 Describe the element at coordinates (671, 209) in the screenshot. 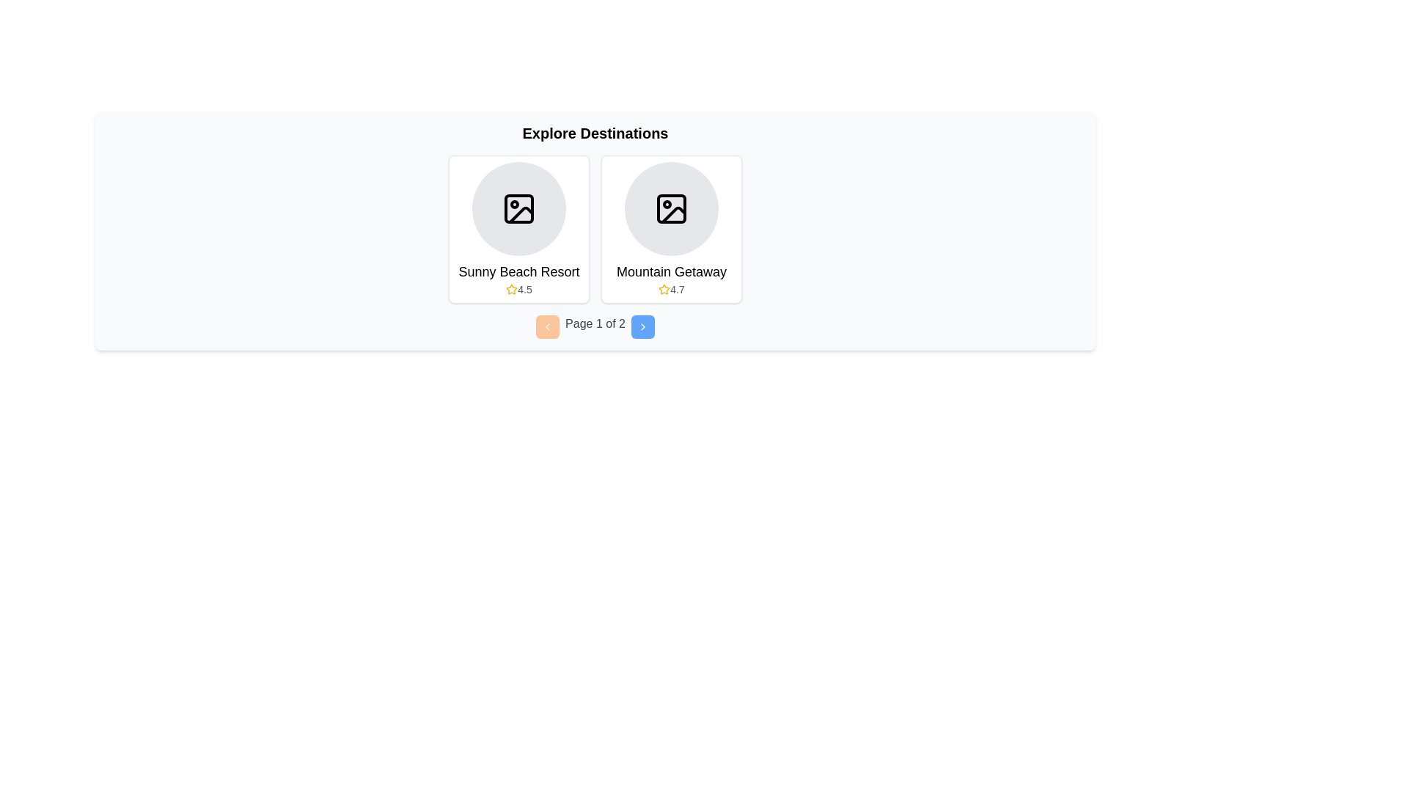

I see `the circular image placeholder icon with a gray background and black landscape icon located at the top-center of the 'Mountain Getaway' card` at that location.